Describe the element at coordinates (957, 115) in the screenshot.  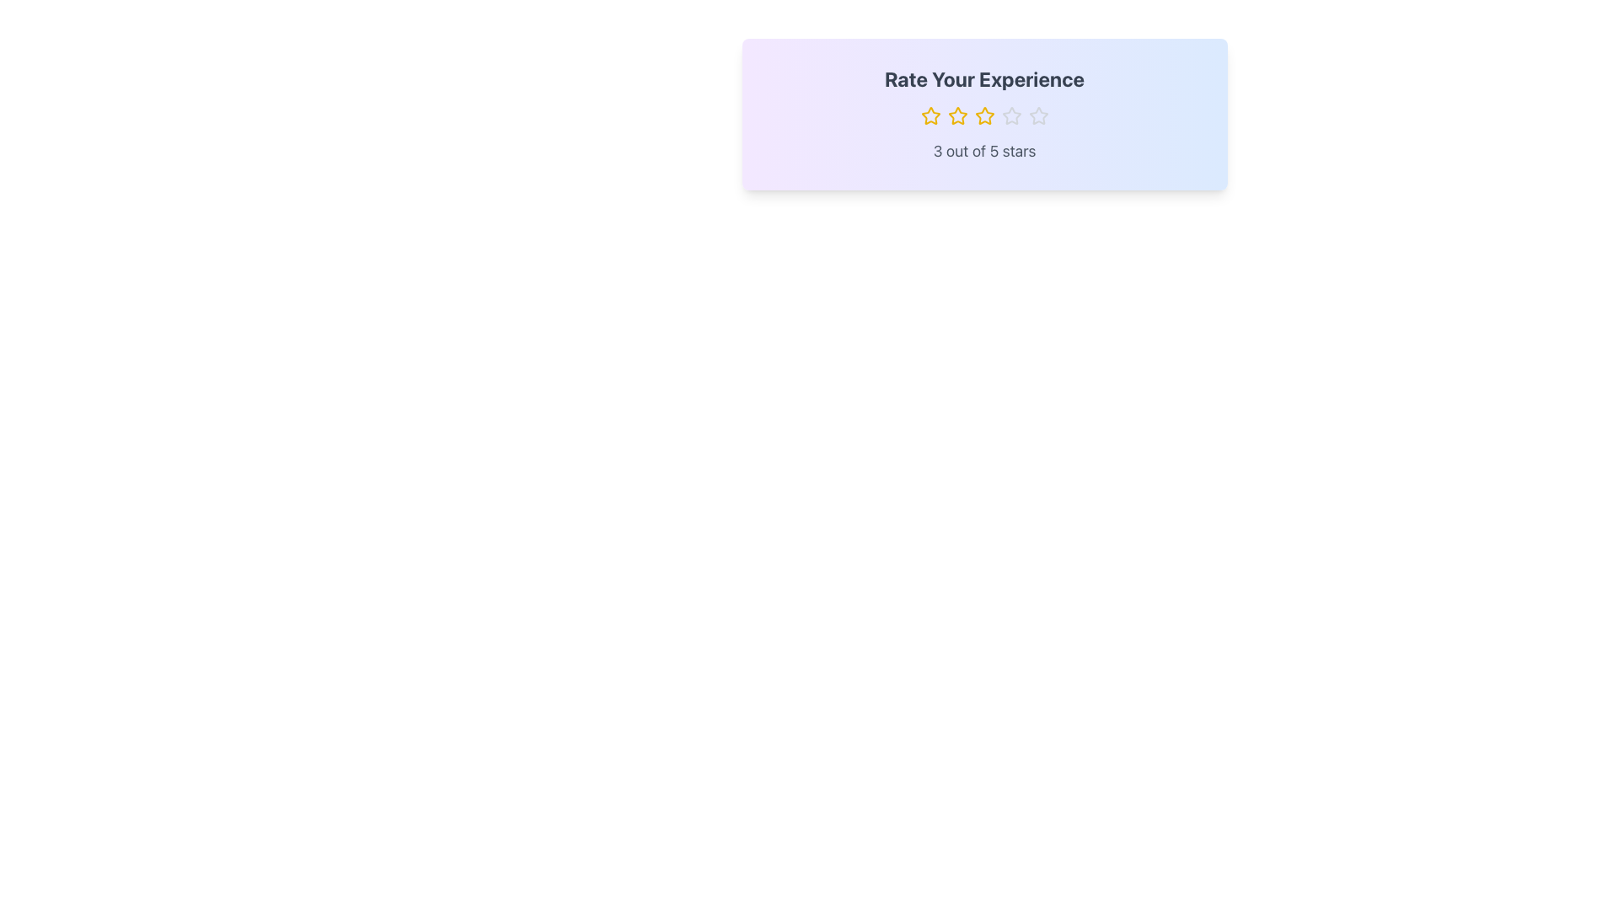
I see `the second star-shaped icon button, styled in yellow` at that location.